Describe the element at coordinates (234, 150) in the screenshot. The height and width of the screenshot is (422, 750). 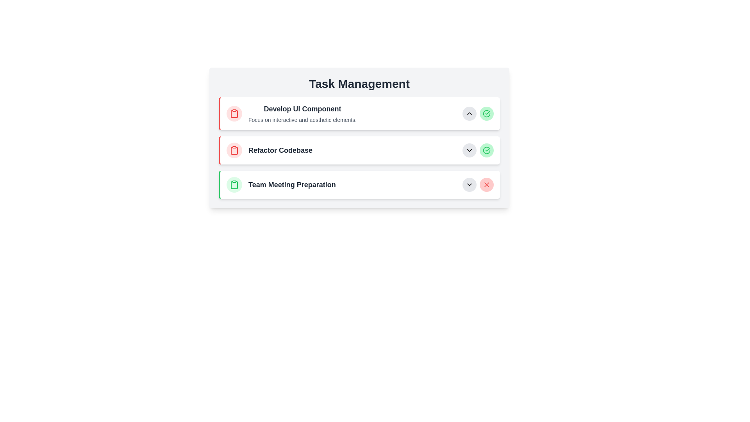
I see `the clipboard icon located to the left of the 'Develop UI Component' text in the first task item, which visually represents the clipboard concept` at that location.